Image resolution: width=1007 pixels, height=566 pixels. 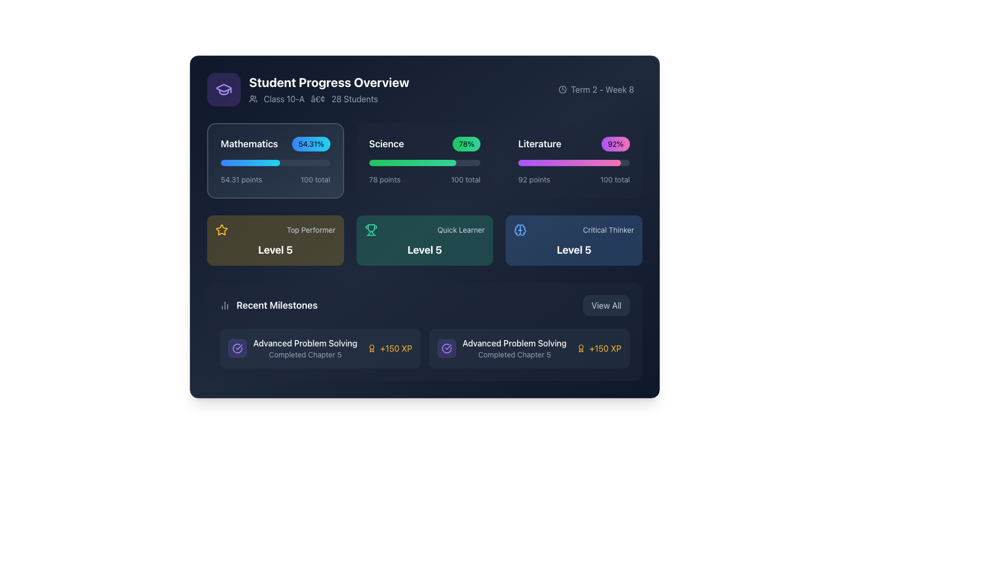 I want to click on the reward indicator element displaying '+150 XP' with a gold ribbon icon, located on the far right of the 'Advanced Problem Solving' row, aligned with 'Completed Chapter 5', so click(x=599, y=348).